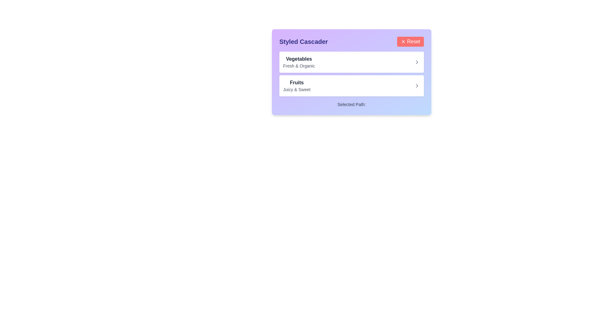 The image size is (598, 336). What do you see at coordinates (296, 82) in the screenshot?
I see `the bold text label reading 'Fruits' that is centered in the second item of a vertically aligned list, situated between 'Vegetables' above and 'Juicy & Sweet' below` at bounding box center [296, 82].